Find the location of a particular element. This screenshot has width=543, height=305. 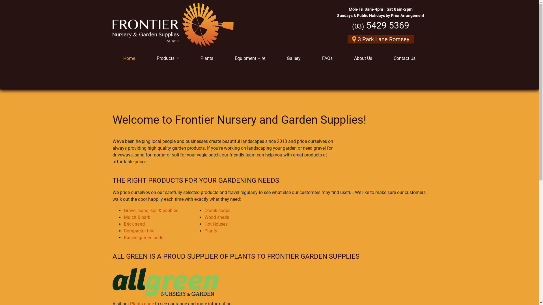

'Chook coops' is located at coordinates (204, 210).